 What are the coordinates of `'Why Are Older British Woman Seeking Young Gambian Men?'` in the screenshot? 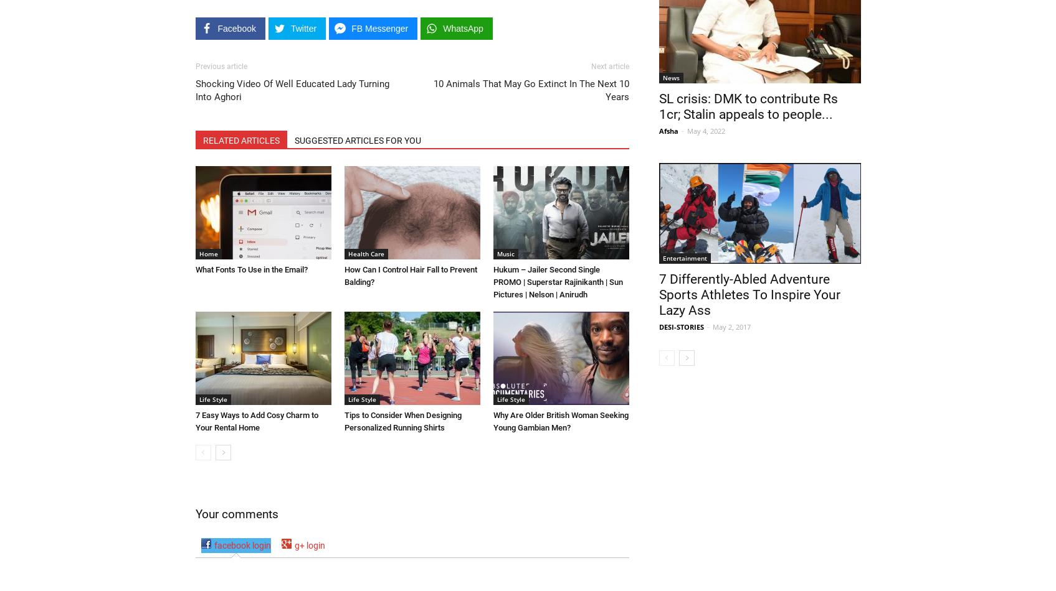 It's located at (559, 421).